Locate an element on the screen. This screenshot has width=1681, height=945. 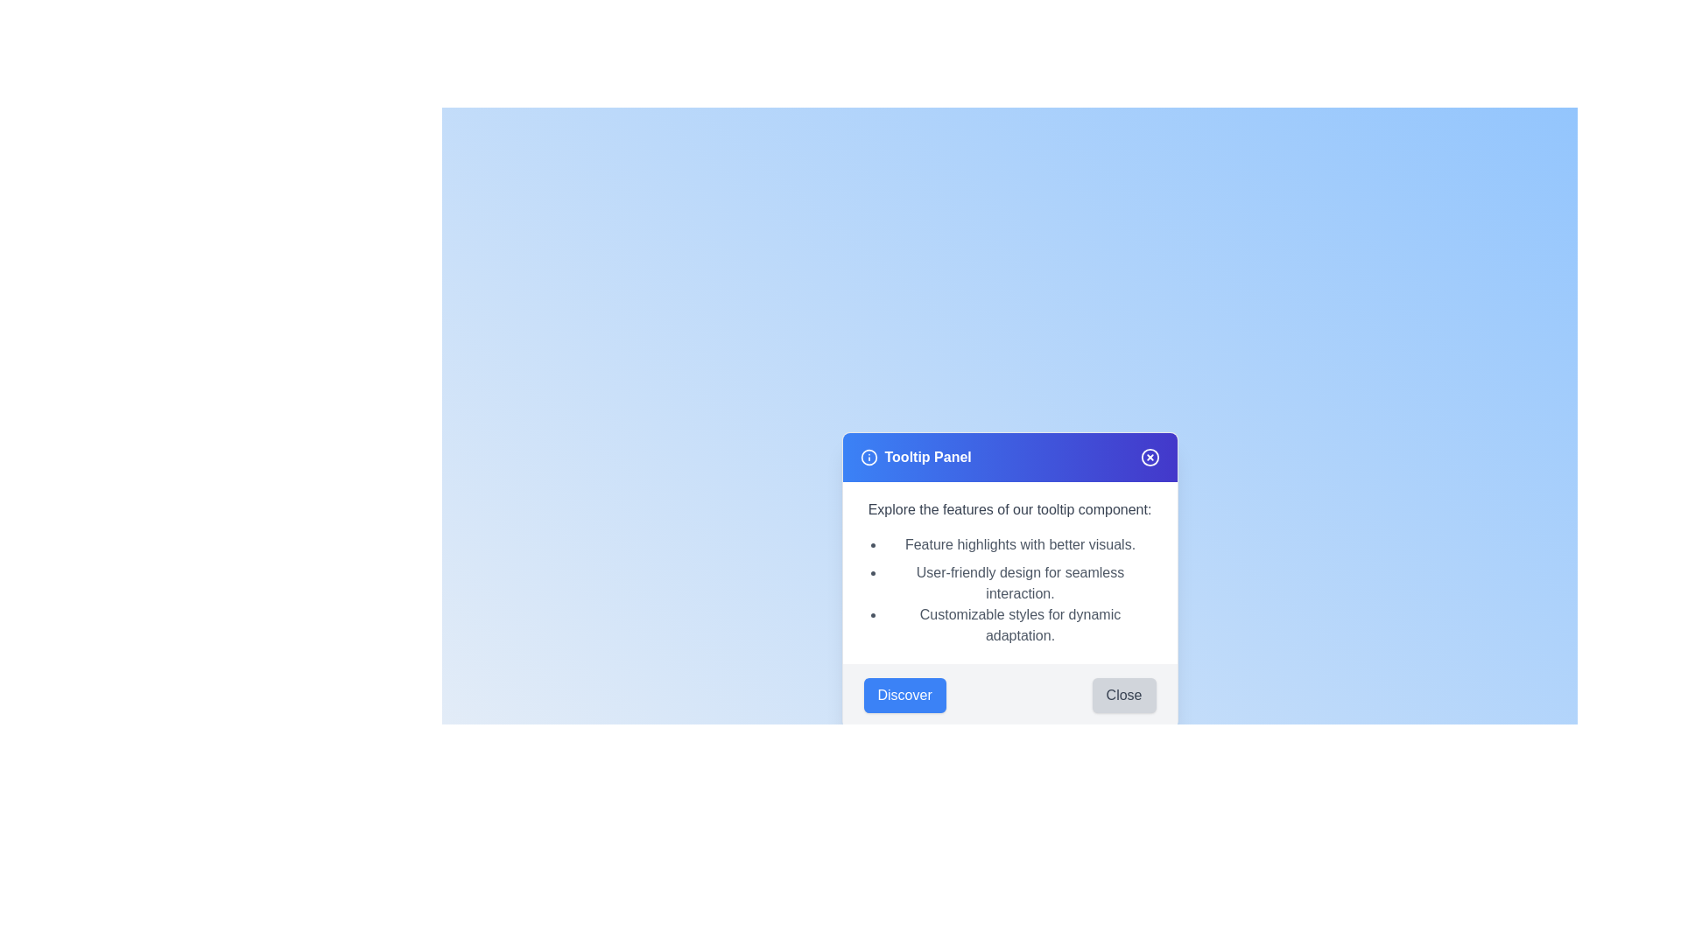
text that serves as the first item in the bulleted list below the heading 'Explore the features of our tooltip component' inside the tooltip panel is located at coordinates (1020, 544).